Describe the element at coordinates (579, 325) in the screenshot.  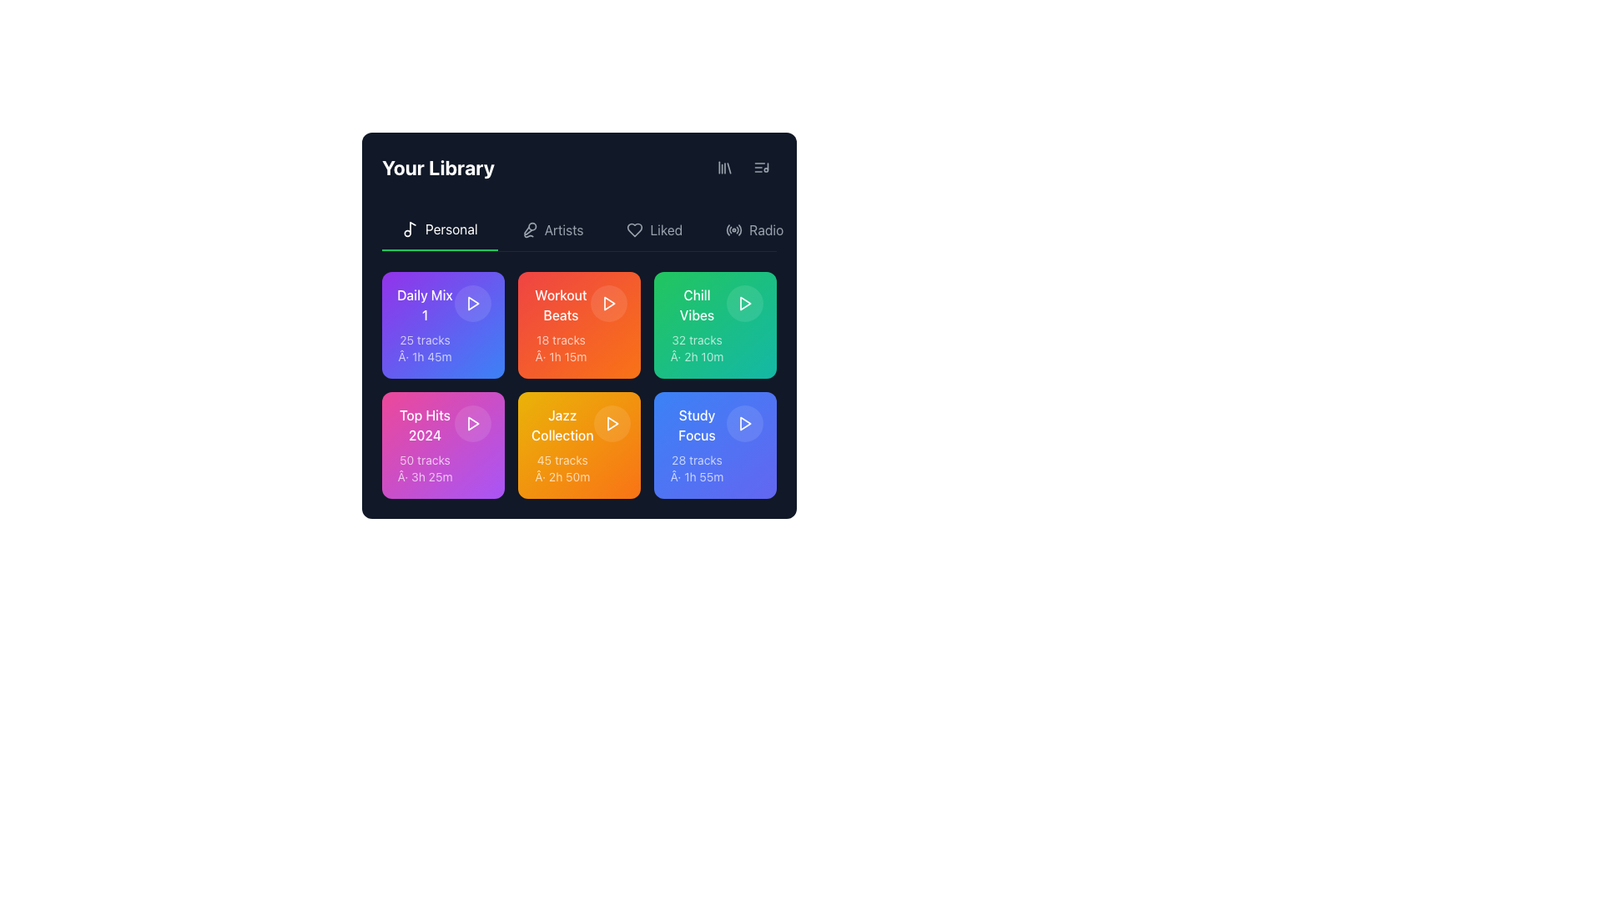
I see `to select the 'Workout Beats' playlist card, which is the second card in the top row of the grid layout under 'Your Library'` at that location.